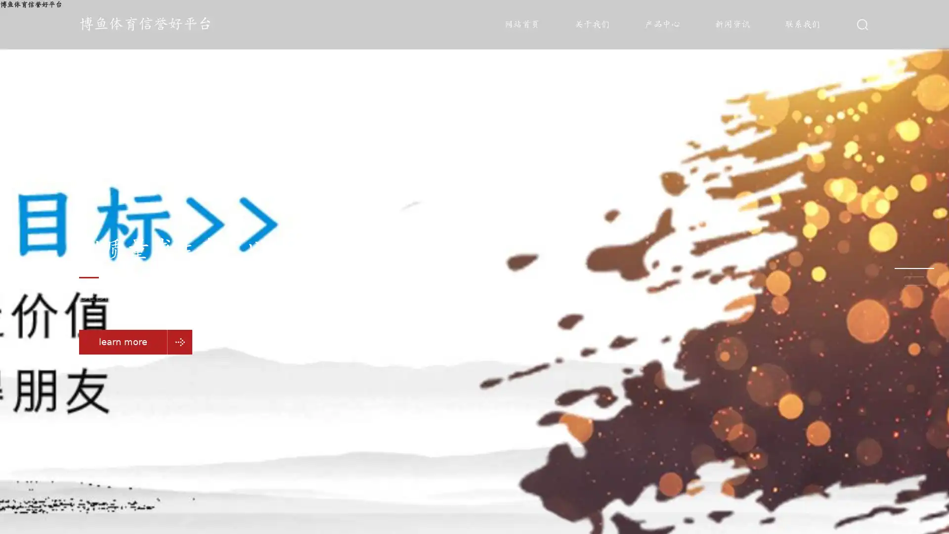 The image size is (949, 534). What do you see at coordinates (913, 285) in the screenshot?
I see `Go to slide 3` at bounding box center [913, 285].